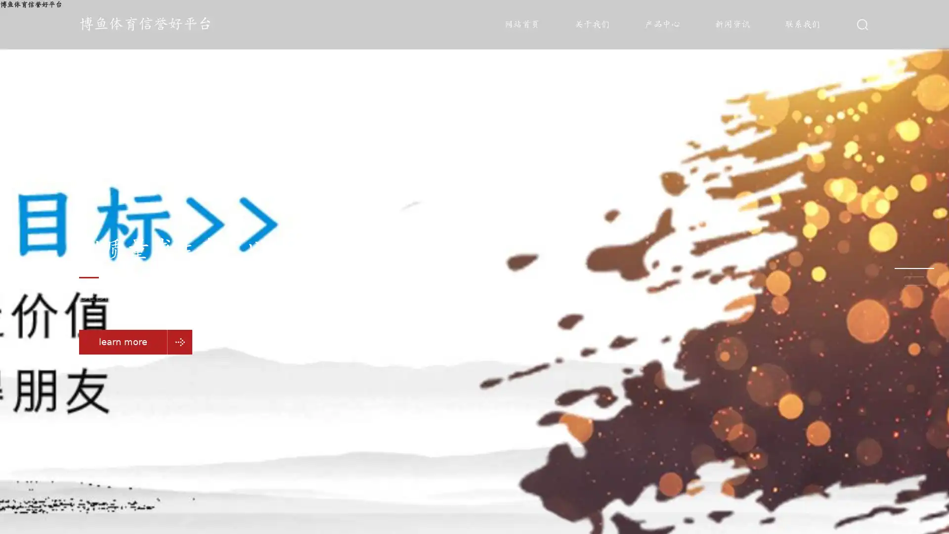 The image size is (949, 534). What do you see at coordinates (913, 285) in the screenshot?
I see `Go to slide 3` at bounding box center [913, 285].